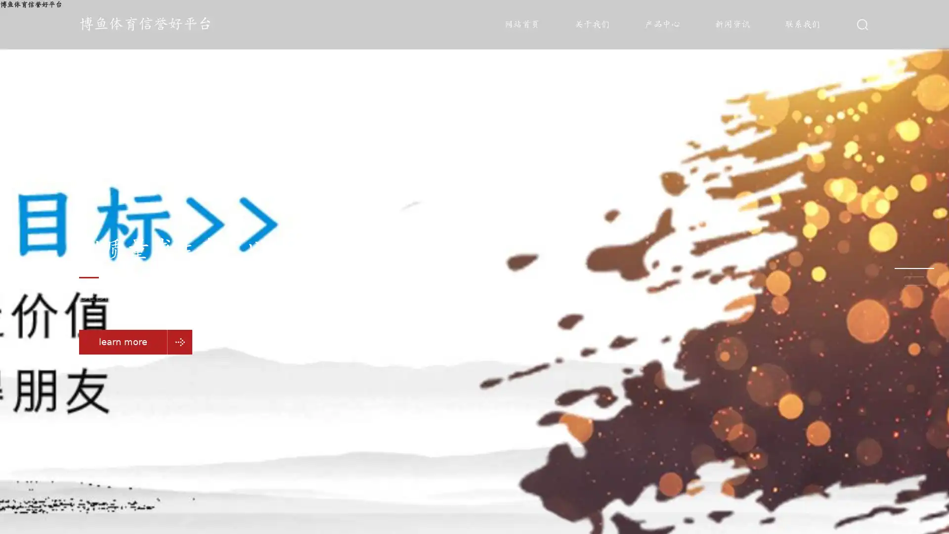 The image size is (949, 534). What do you see at coordinates (913, 285) in the screenshot?
I see `Go to slide 3` at bounding box center [913, 285].